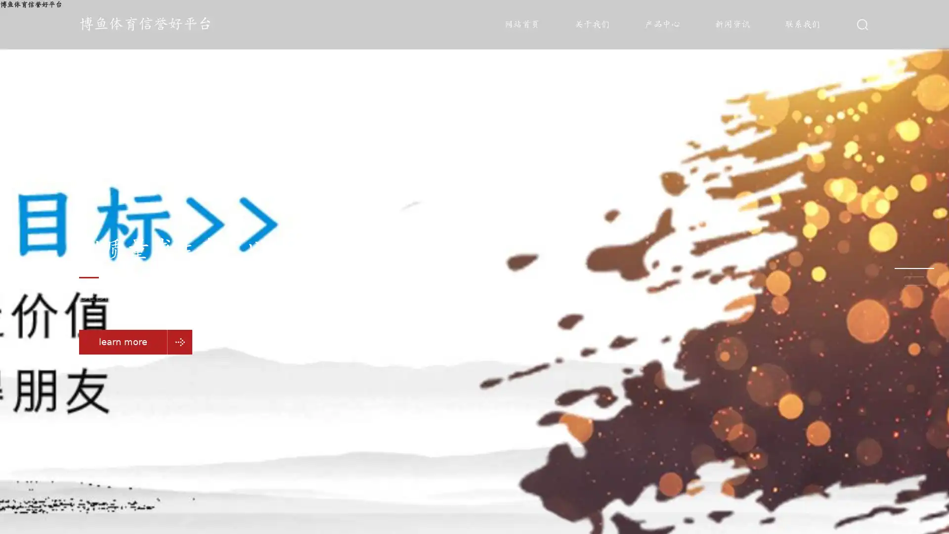 The image size is (949, 534). What do you see at coordinates (913, 285) in the screenshot?
I see `Go to slide 3` at bounding box center [913, 285].